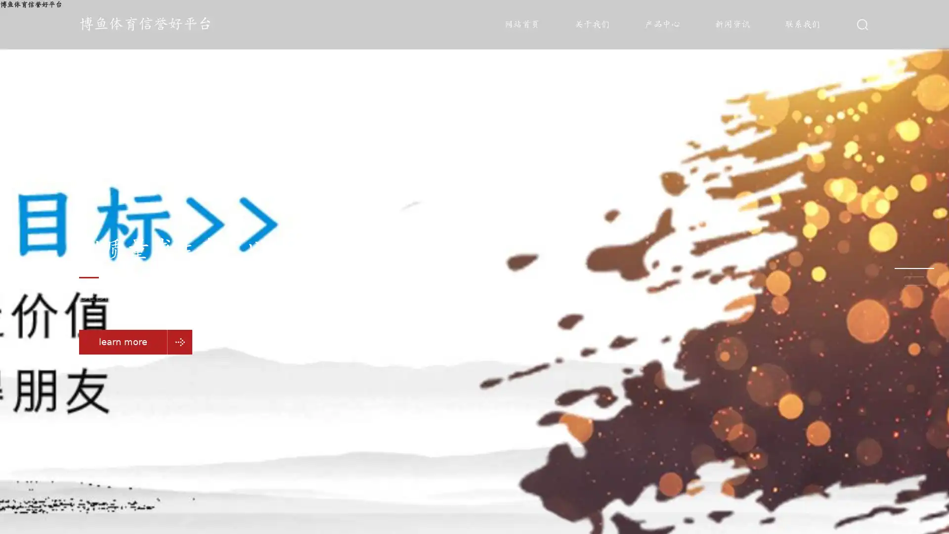 The image size is (949, 534). What do you see at coordinates (913, 285) in the screenshot?
I see `Go to slide 3` at bounding box center [913, 285].